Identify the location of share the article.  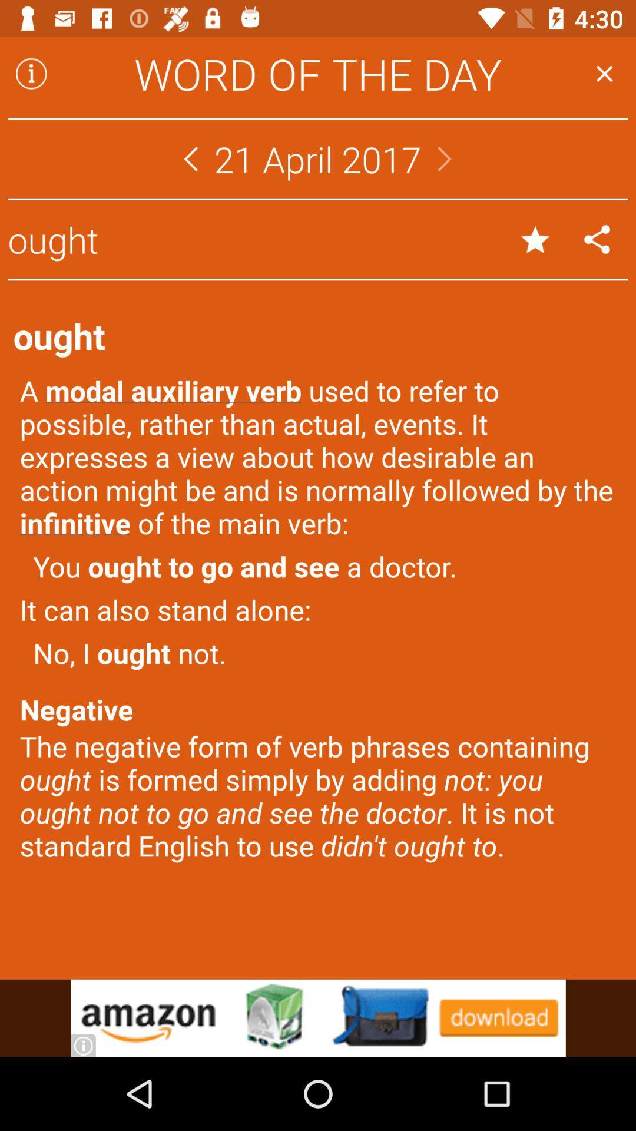
(597, 239).